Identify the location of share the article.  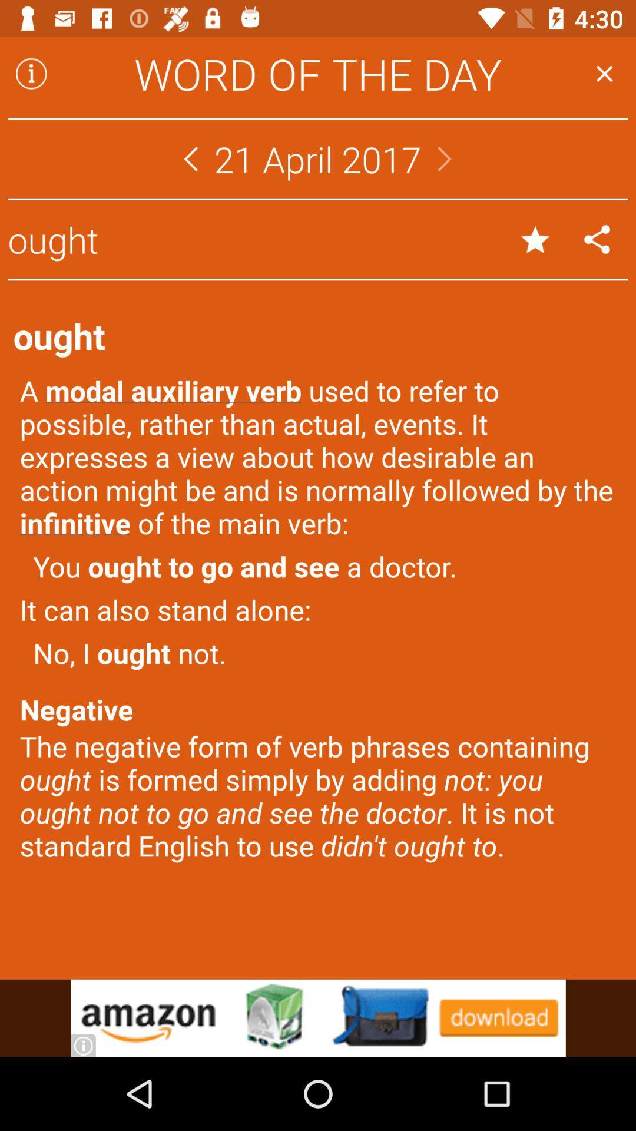
(597, 239).